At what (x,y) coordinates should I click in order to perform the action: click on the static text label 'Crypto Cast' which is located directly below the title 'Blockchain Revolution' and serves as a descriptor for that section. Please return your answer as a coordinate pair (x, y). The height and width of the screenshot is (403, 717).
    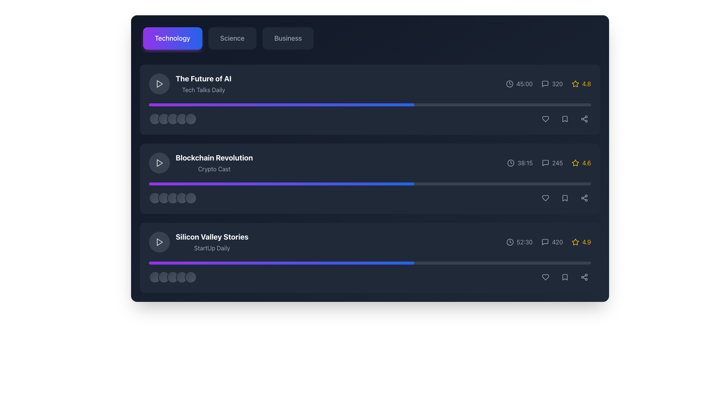
    Looking at the image, I should click on (214, 169).